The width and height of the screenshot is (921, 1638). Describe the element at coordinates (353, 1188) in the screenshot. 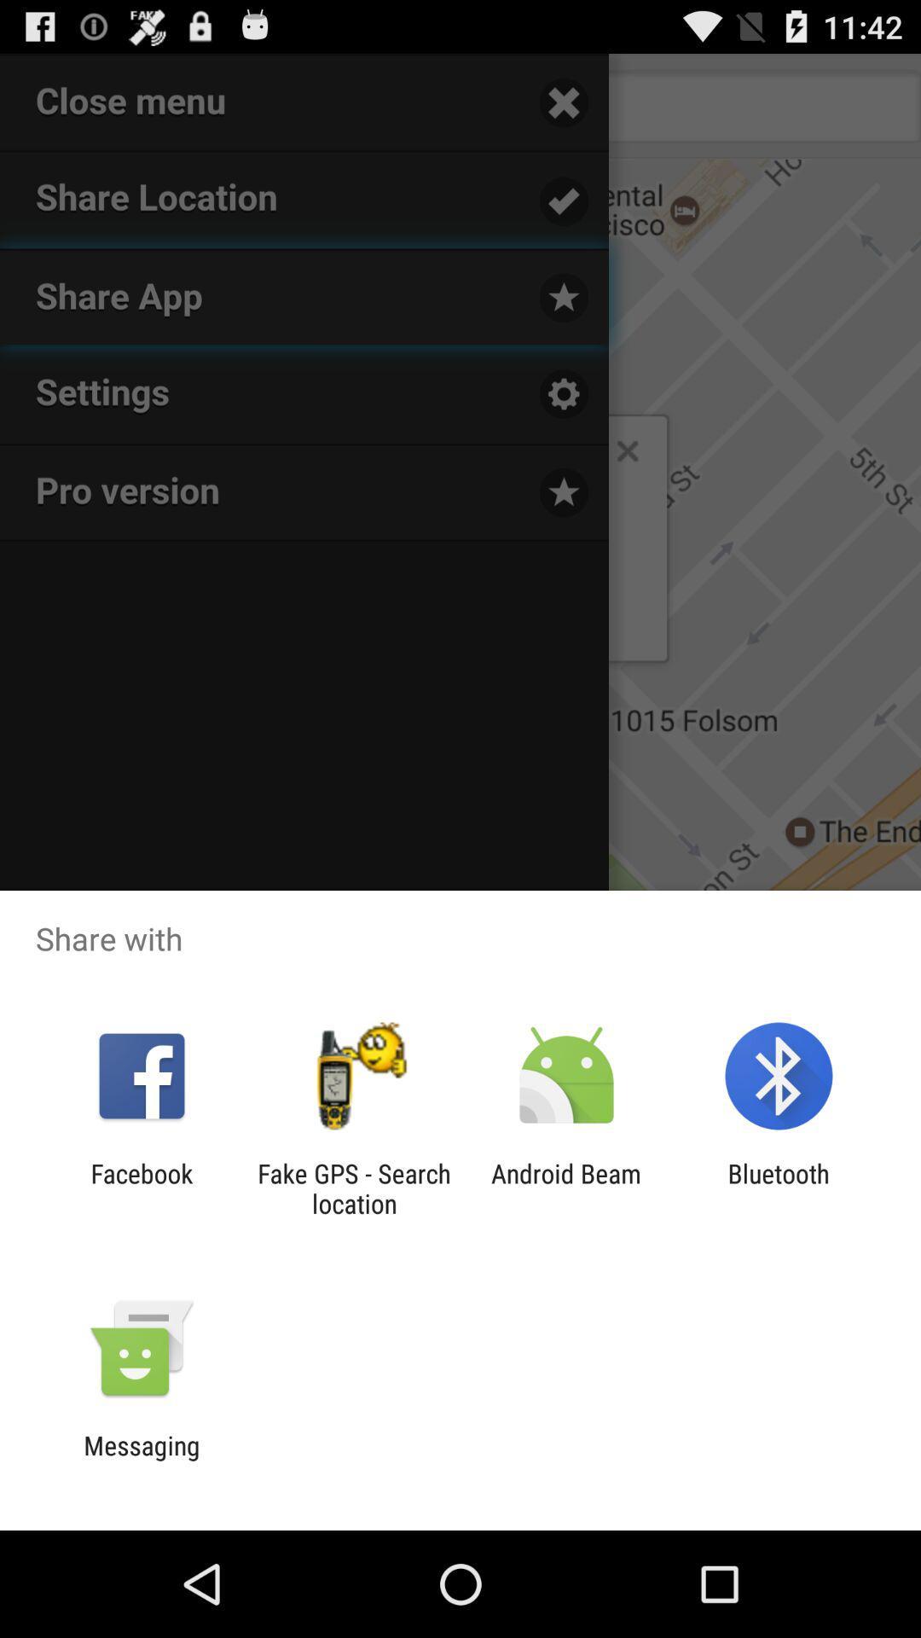

I see `the app to the left of android beam icon` at that location.